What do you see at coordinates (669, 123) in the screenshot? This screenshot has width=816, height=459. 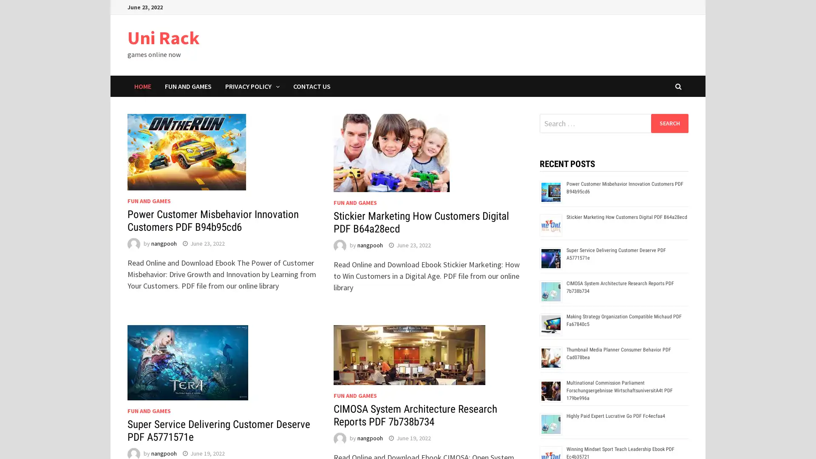 I see `Search` at bounding box center [669, 123].